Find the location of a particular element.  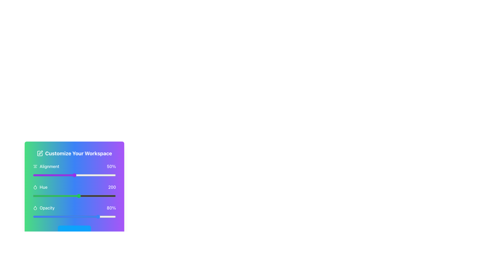

the alignment percentage is located at coordinates (69, 175).